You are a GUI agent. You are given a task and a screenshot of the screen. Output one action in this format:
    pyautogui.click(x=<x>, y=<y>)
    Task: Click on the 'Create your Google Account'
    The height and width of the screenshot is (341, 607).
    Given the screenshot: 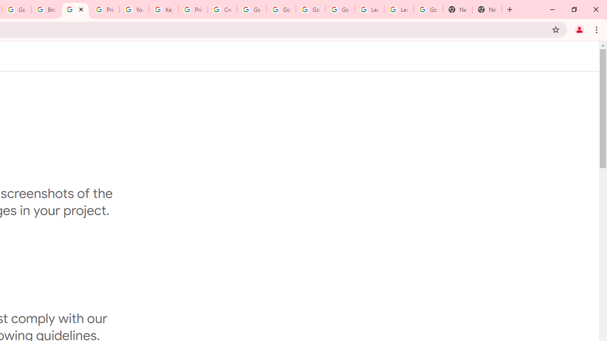 What is the action you would take?
    pyautogui.click(x=222, y=9)
    